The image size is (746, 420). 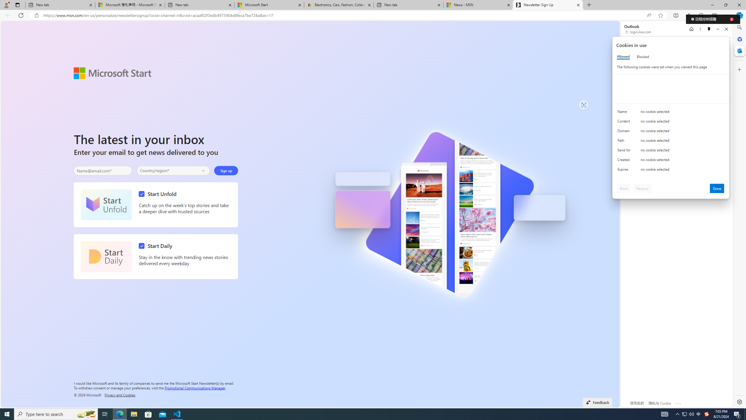 I want to click on 'Created', so click(x=625, y=161).